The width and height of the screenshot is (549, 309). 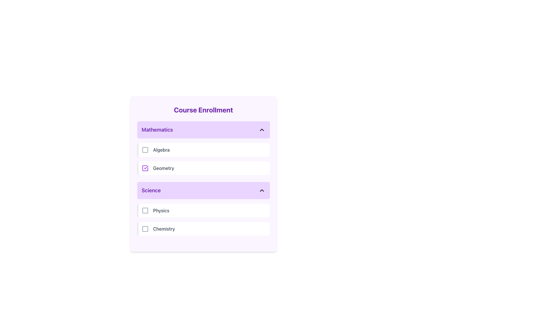 What do you see at coordinates (145, 228) in the screenshot?
I see `the checkbox icon located next to the text 'Chemistry' in the Science section` at bounding box center [145, 228].